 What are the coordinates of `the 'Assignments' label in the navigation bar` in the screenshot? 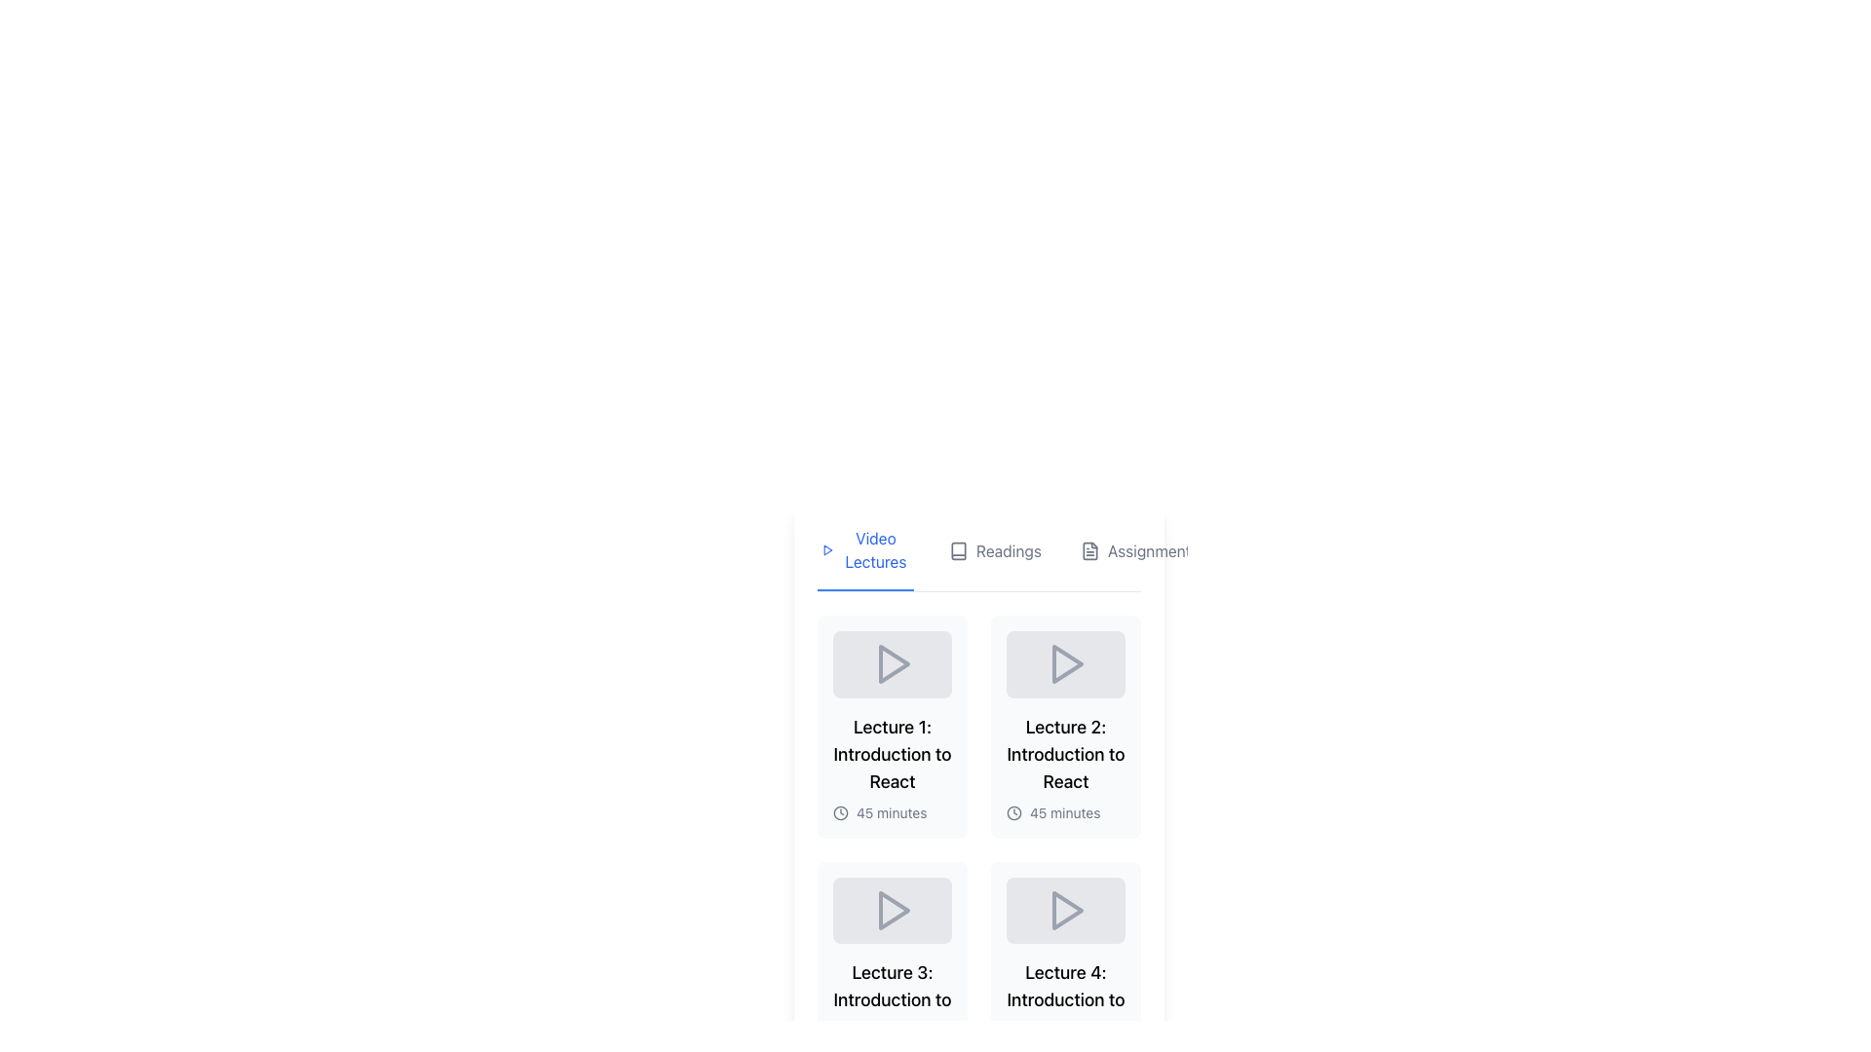 It's located at (1153, 551).